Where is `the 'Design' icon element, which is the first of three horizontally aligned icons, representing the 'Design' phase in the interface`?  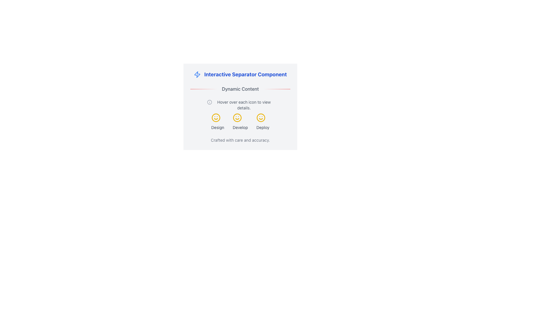 the 'Design' icon element, which is the first of three horizontally aligned icons, representing the 'Design' phase in the interface is located at coordinates (215, 117).